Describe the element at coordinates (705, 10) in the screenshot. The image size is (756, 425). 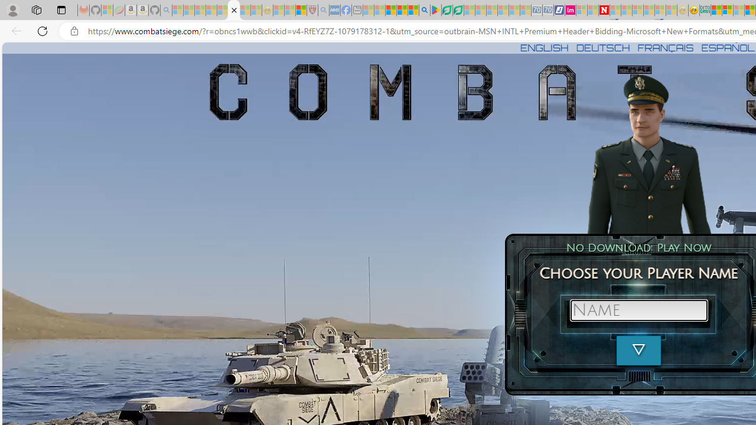
I see `'DITOGAMES AG Imprint'` at that location.